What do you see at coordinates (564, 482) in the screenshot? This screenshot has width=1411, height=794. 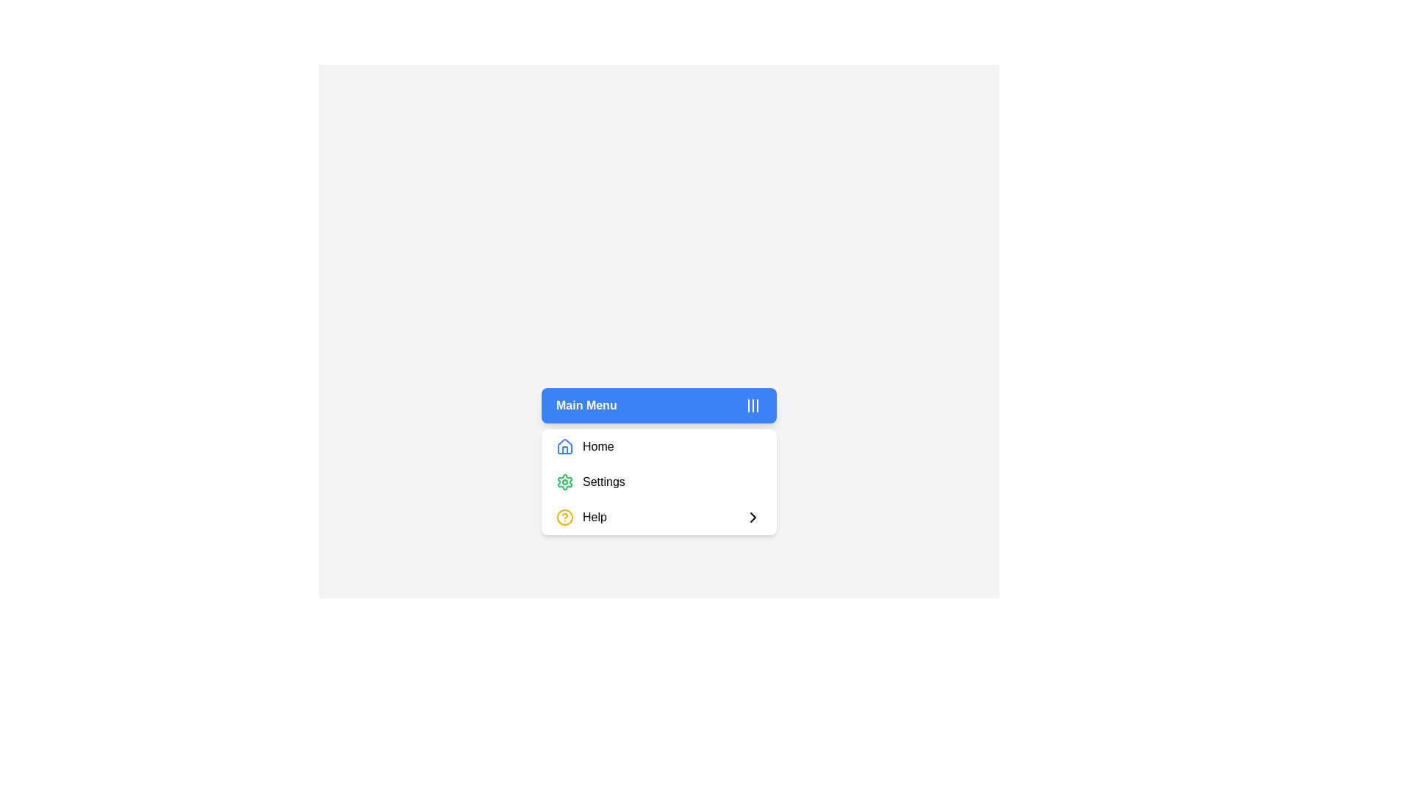 I see `the green cogwheel icon located next to the 'Settings' text in the vertical menu` at bounding box center [564, 482].